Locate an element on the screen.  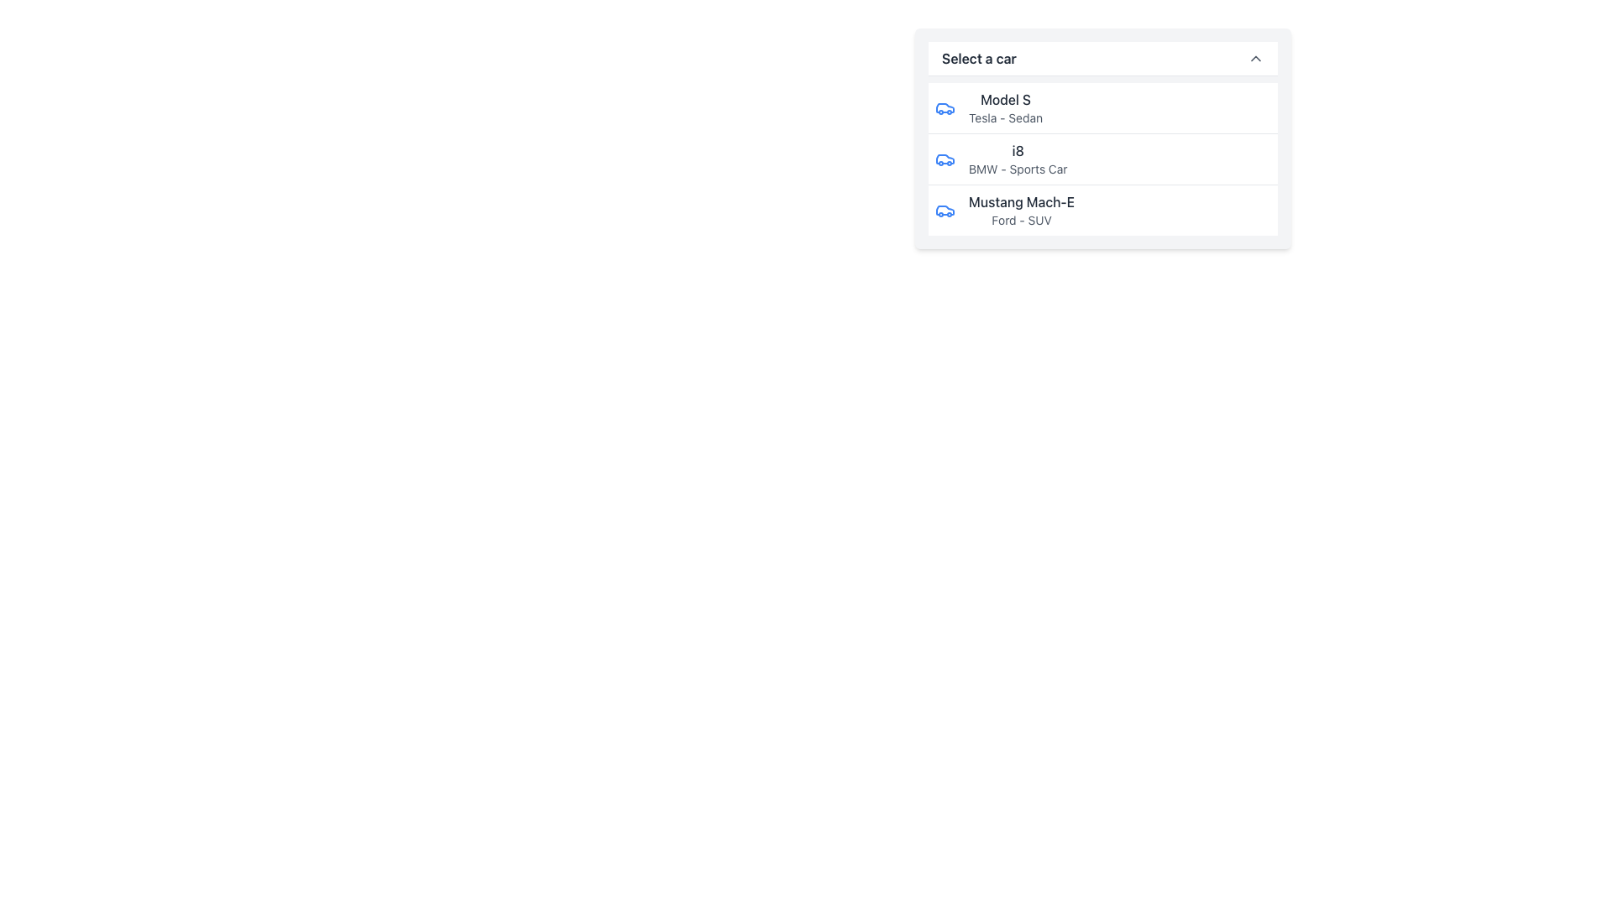
text label 'Mustang Mach-E' which is styled with a medium weight font in dark gray color, located in the dropdown list for car models is located at coordinates (1021, 200).